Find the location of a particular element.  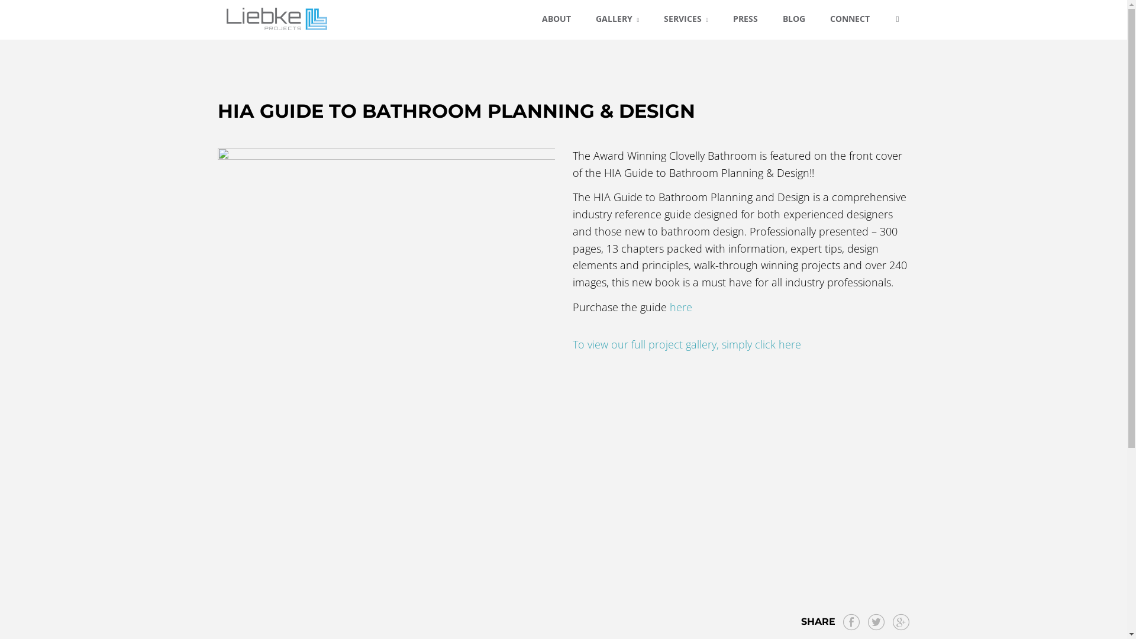

'ABOUT' is located at coordinates (556, 19).